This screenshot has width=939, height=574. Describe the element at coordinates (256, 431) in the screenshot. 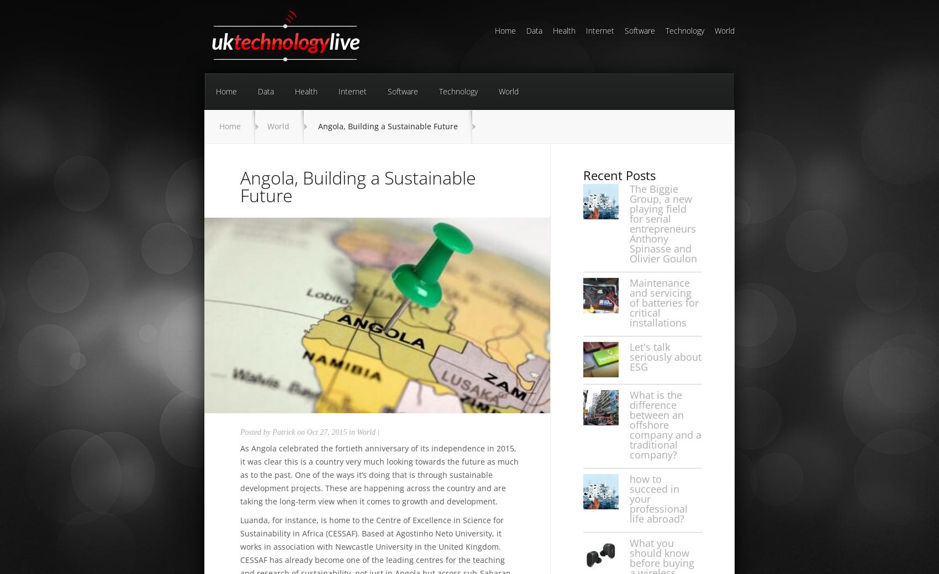

I see `'Posted  by'` at that location.